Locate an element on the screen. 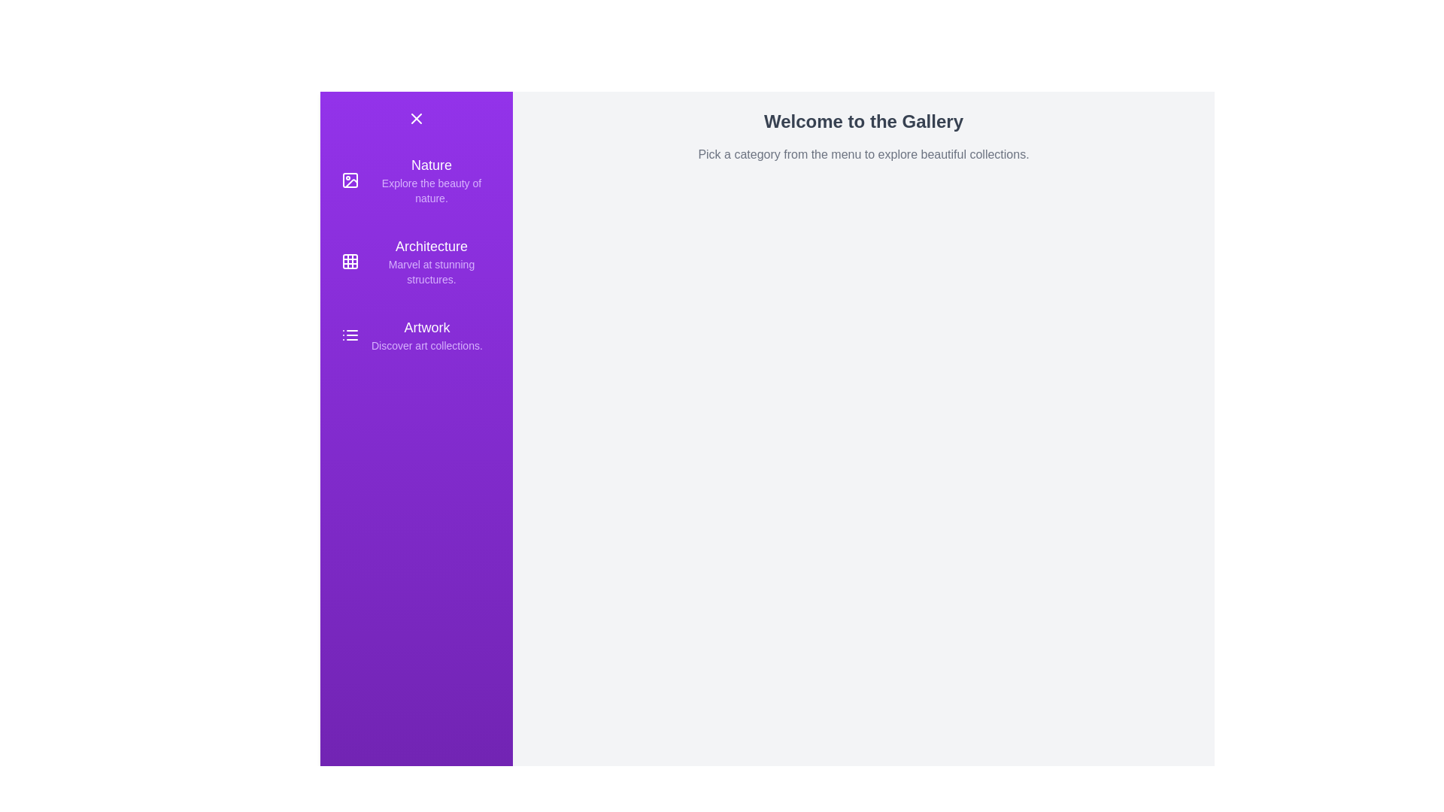 Image resolution: width=1444 pixels, height=812 pixels. the menu item corresponding to the category Nature is located at coordinates (416, 179).